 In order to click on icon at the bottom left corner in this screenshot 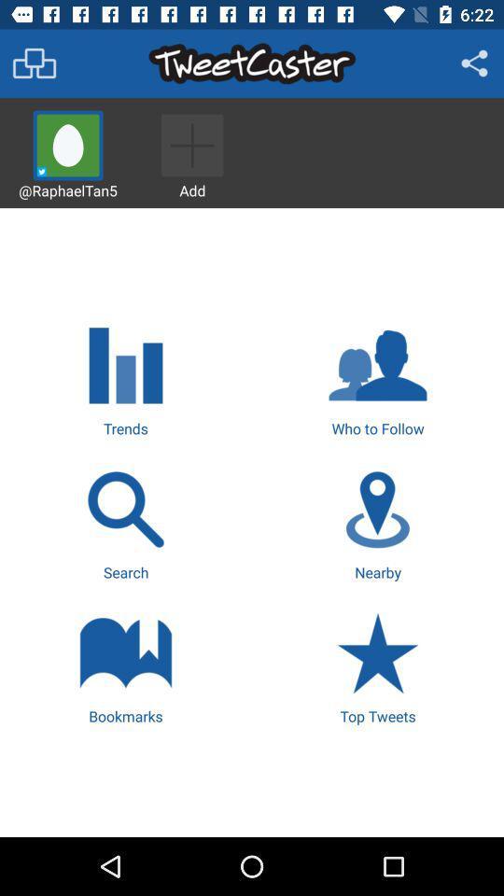, I will do `click(126, 666)`.